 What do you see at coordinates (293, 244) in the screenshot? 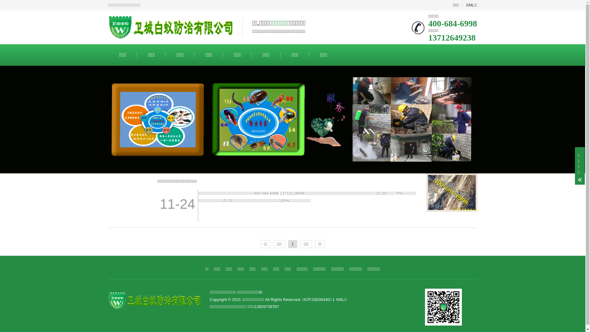
I see `'1'` at bounding box center [293, 244].